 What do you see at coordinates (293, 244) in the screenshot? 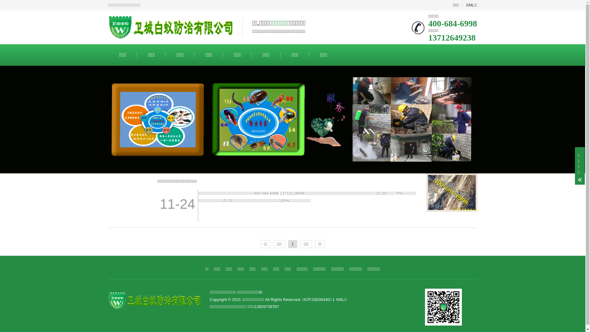
I see `'1'` at bounding box center [293, 244].